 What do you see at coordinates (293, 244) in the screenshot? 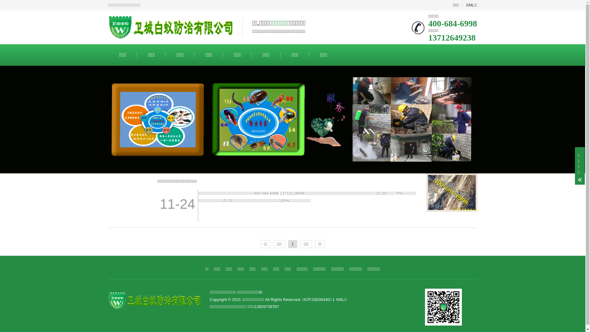
I see `'1'` at bounding box center [293, 244].